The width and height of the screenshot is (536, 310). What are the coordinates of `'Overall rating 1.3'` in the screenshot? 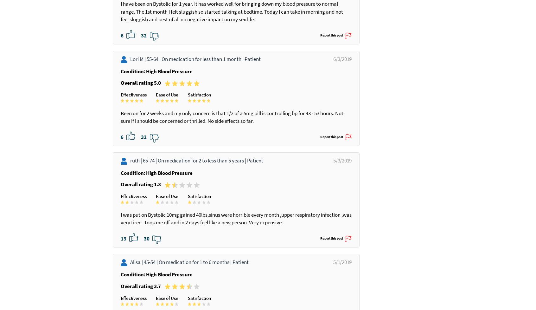 It's located at (121, 215).